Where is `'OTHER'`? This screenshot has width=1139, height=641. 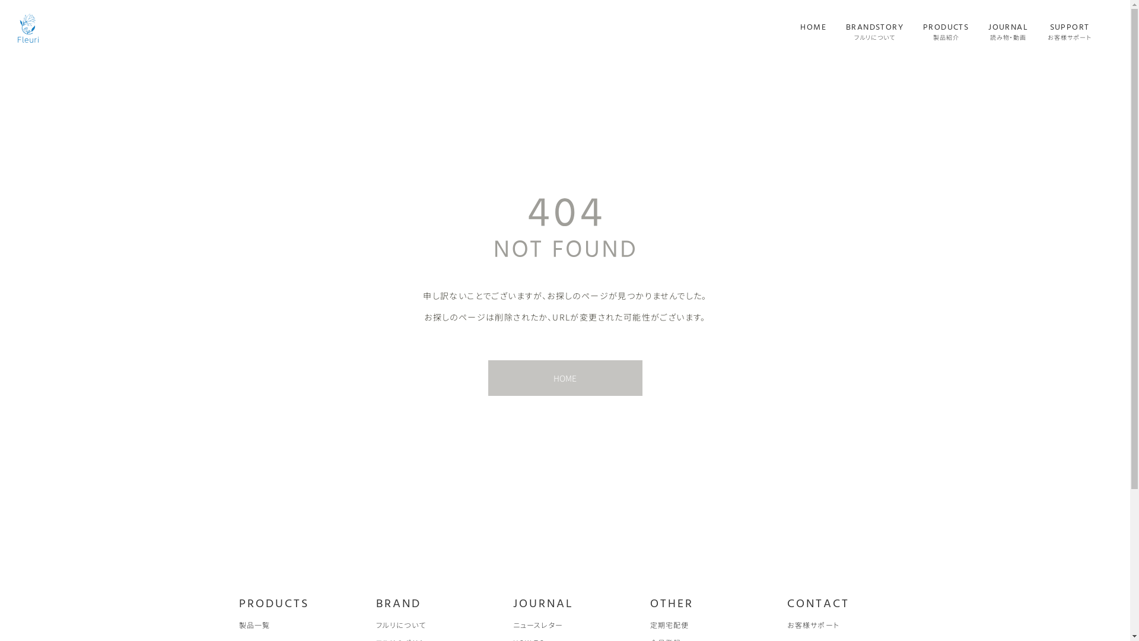
'OTHER' is located at coordinates (672, 604).